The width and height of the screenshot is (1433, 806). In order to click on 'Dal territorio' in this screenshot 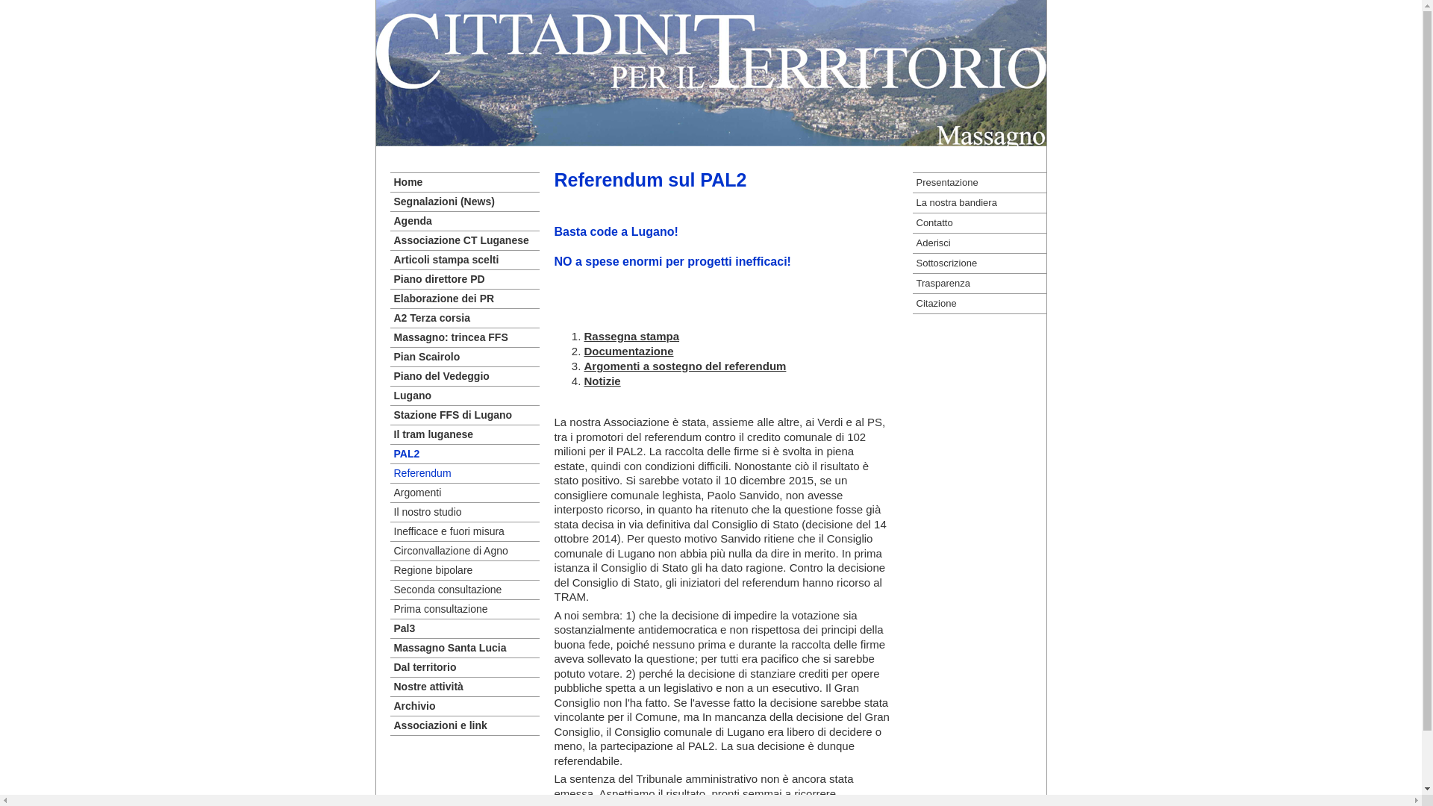, I will do `click(390, 666)`.